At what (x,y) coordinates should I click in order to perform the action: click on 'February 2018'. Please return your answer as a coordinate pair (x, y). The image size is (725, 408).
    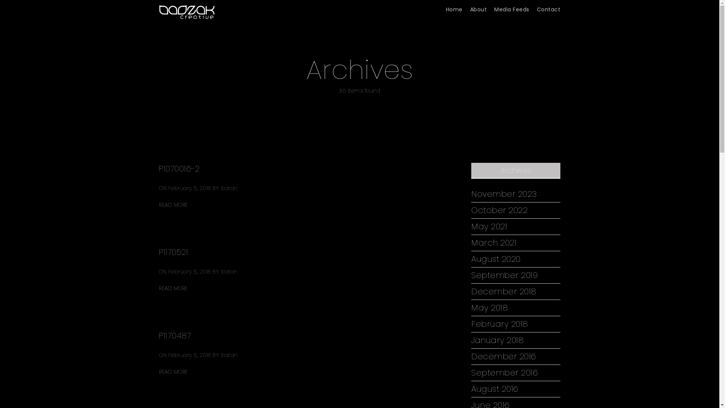
    Looking at the image, I should click on (500, 323).